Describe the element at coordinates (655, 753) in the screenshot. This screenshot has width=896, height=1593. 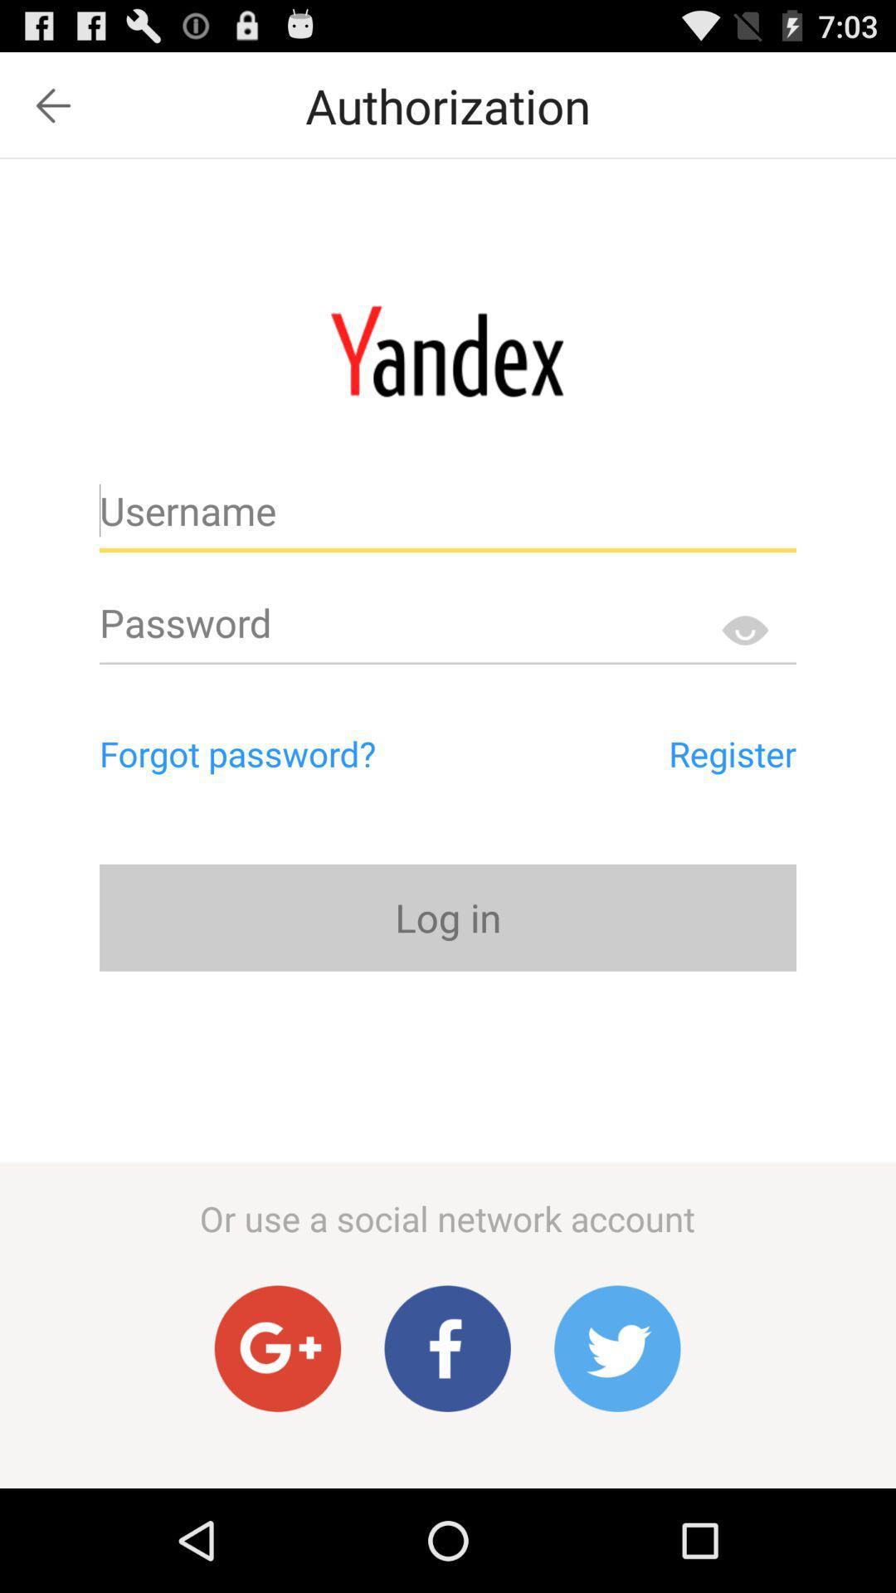
I see `item above the log in button` at that location.